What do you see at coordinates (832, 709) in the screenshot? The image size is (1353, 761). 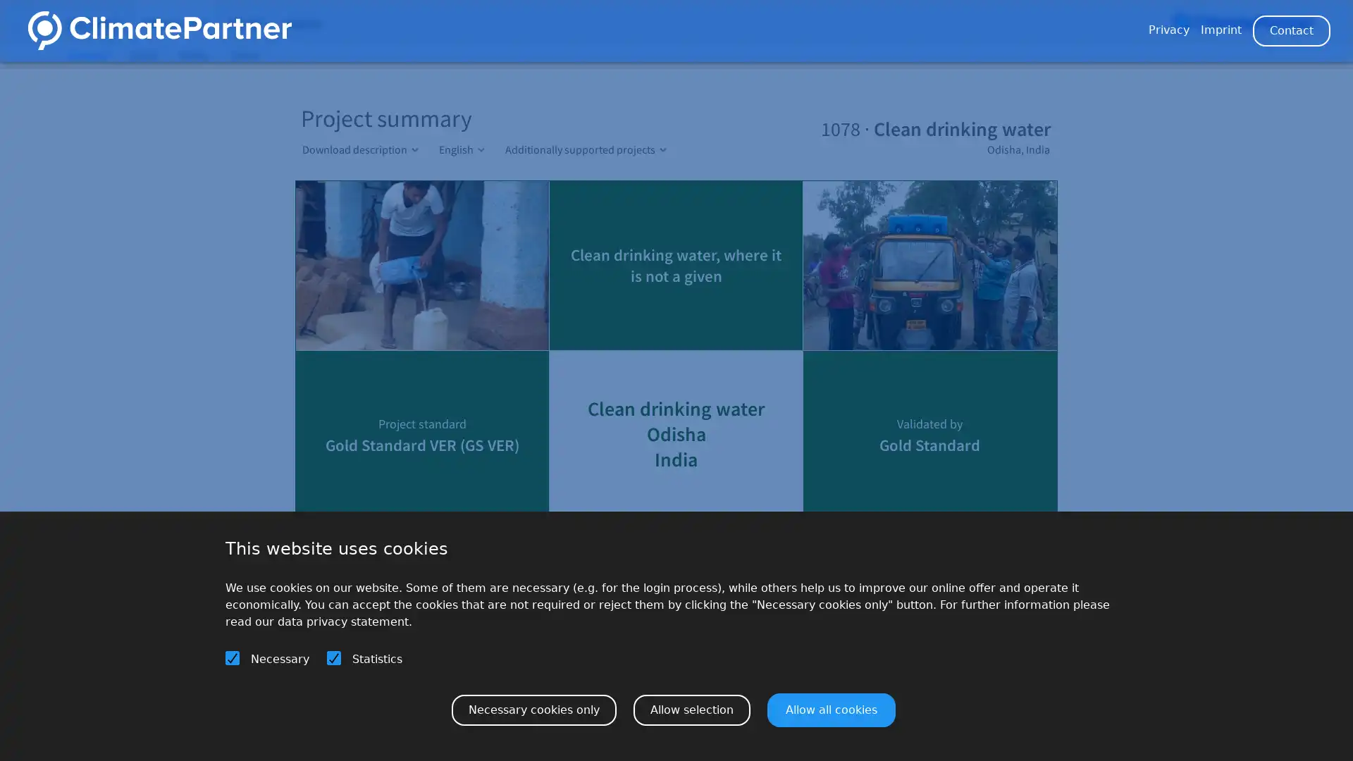 I see `Allow all cookies` at bounding box center [832, 709].